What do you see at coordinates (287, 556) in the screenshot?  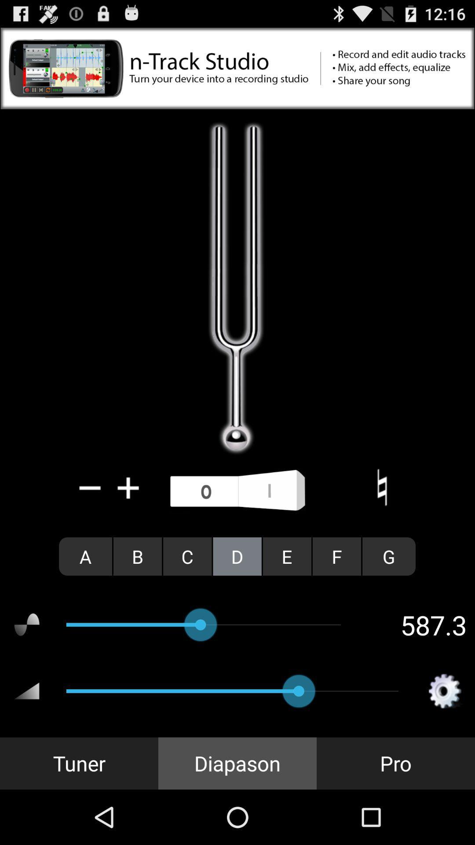 I see `item to the left of f radio button` at bounding box center [287, 556].